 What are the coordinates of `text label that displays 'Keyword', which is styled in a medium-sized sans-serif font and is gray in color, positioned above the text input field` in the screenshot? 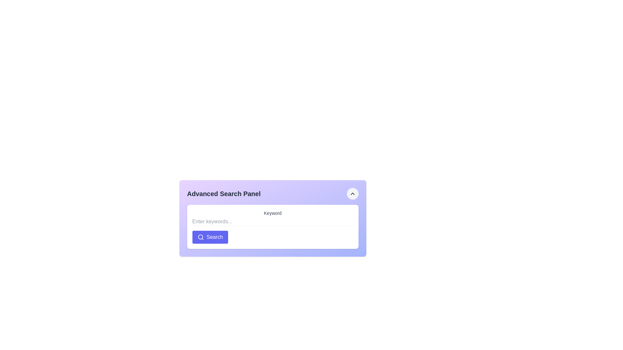 It's located at (273, 213).